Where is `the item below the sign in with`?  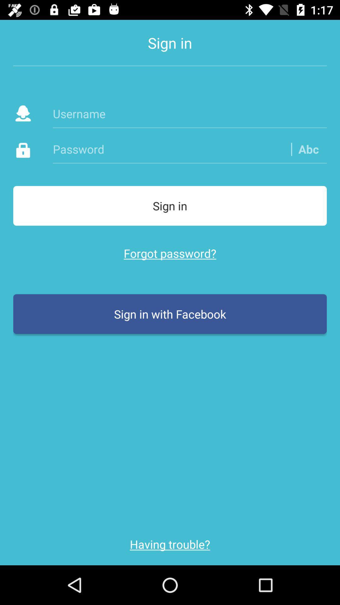
the item below the sign in with is located at coordinates (170, 544).